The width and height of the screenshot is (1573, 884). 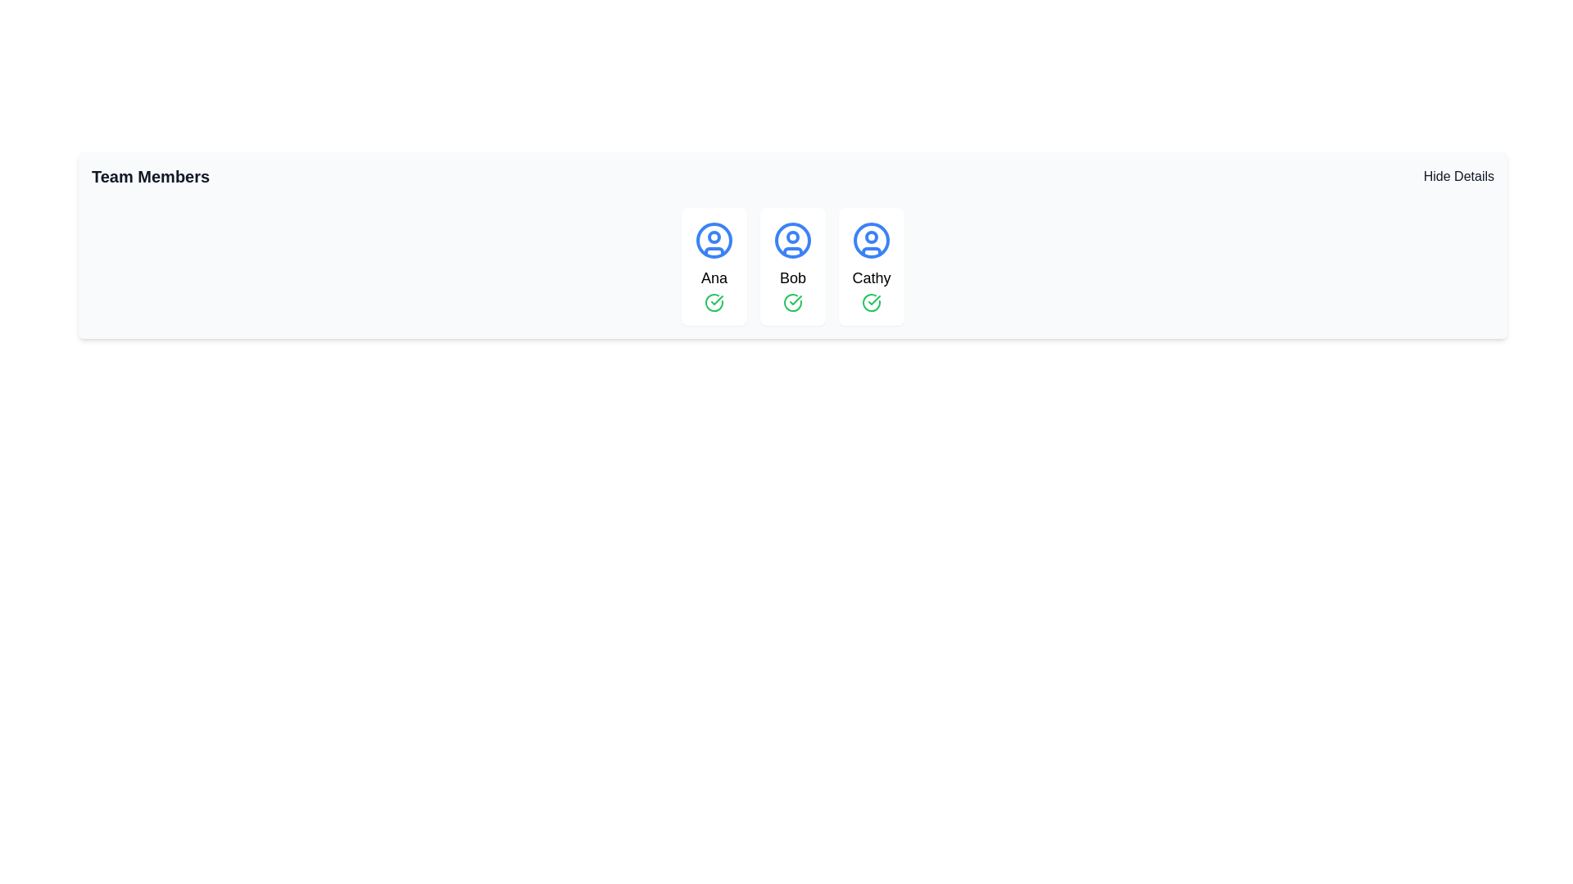 I want to click on the Profile Card labeled 'Cathy' which is the third card on the right in a row of three cards, so click(x=871, y=266).